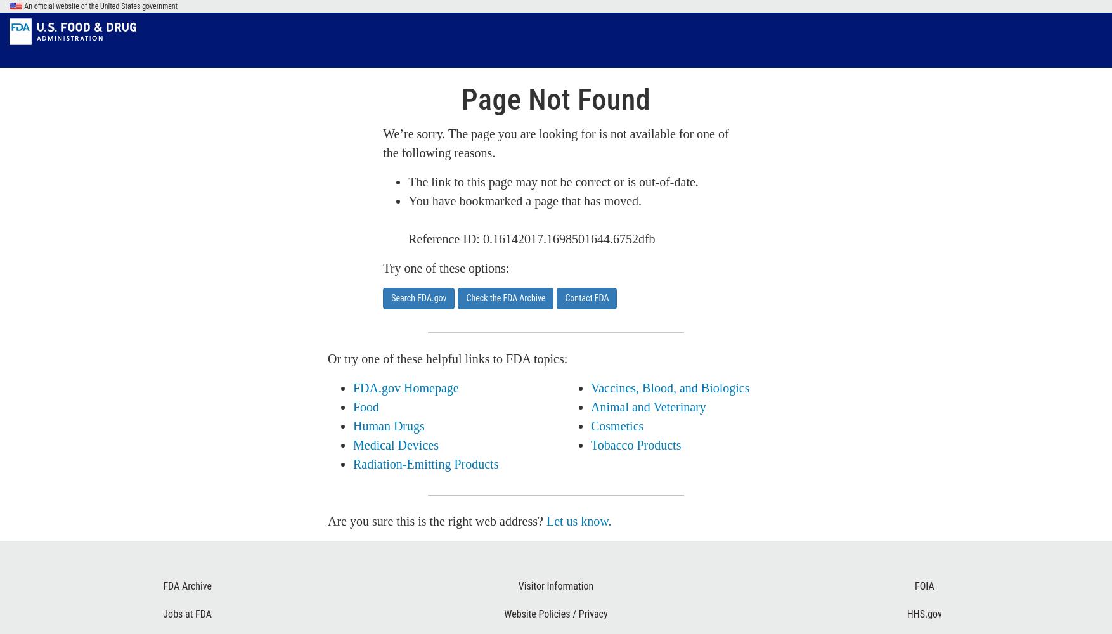 This screenshot has height=634, width=1112. What do you see at coordinates (100, 6) in the screenshot?
I see `'An official website of the United States government'` at bounding box center [100, 6].